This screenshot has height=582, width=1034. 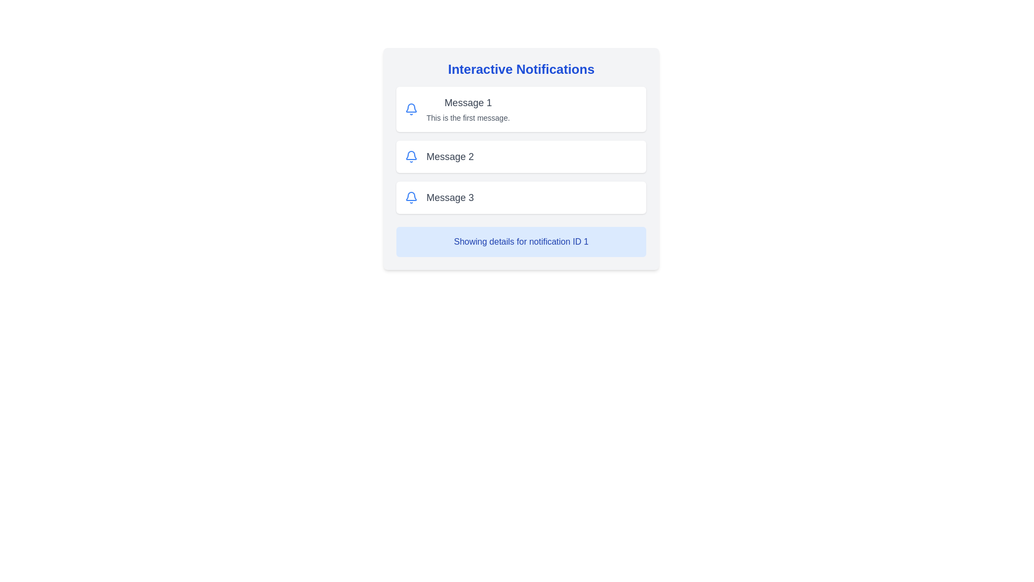 I want to click on the message text that reads 'This is the first message.' located below the heading 'Message 1' in the first notification block of the 'Interactive Notifications' card, so click(x=468, y=118).